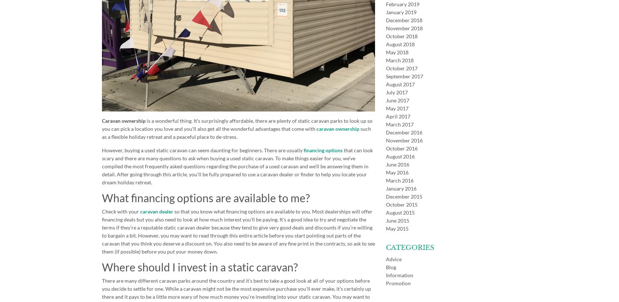  What do you see at coordinates (323, 150) in the screenshot?
I see `'financing options'` at bounding box center [323, 150].